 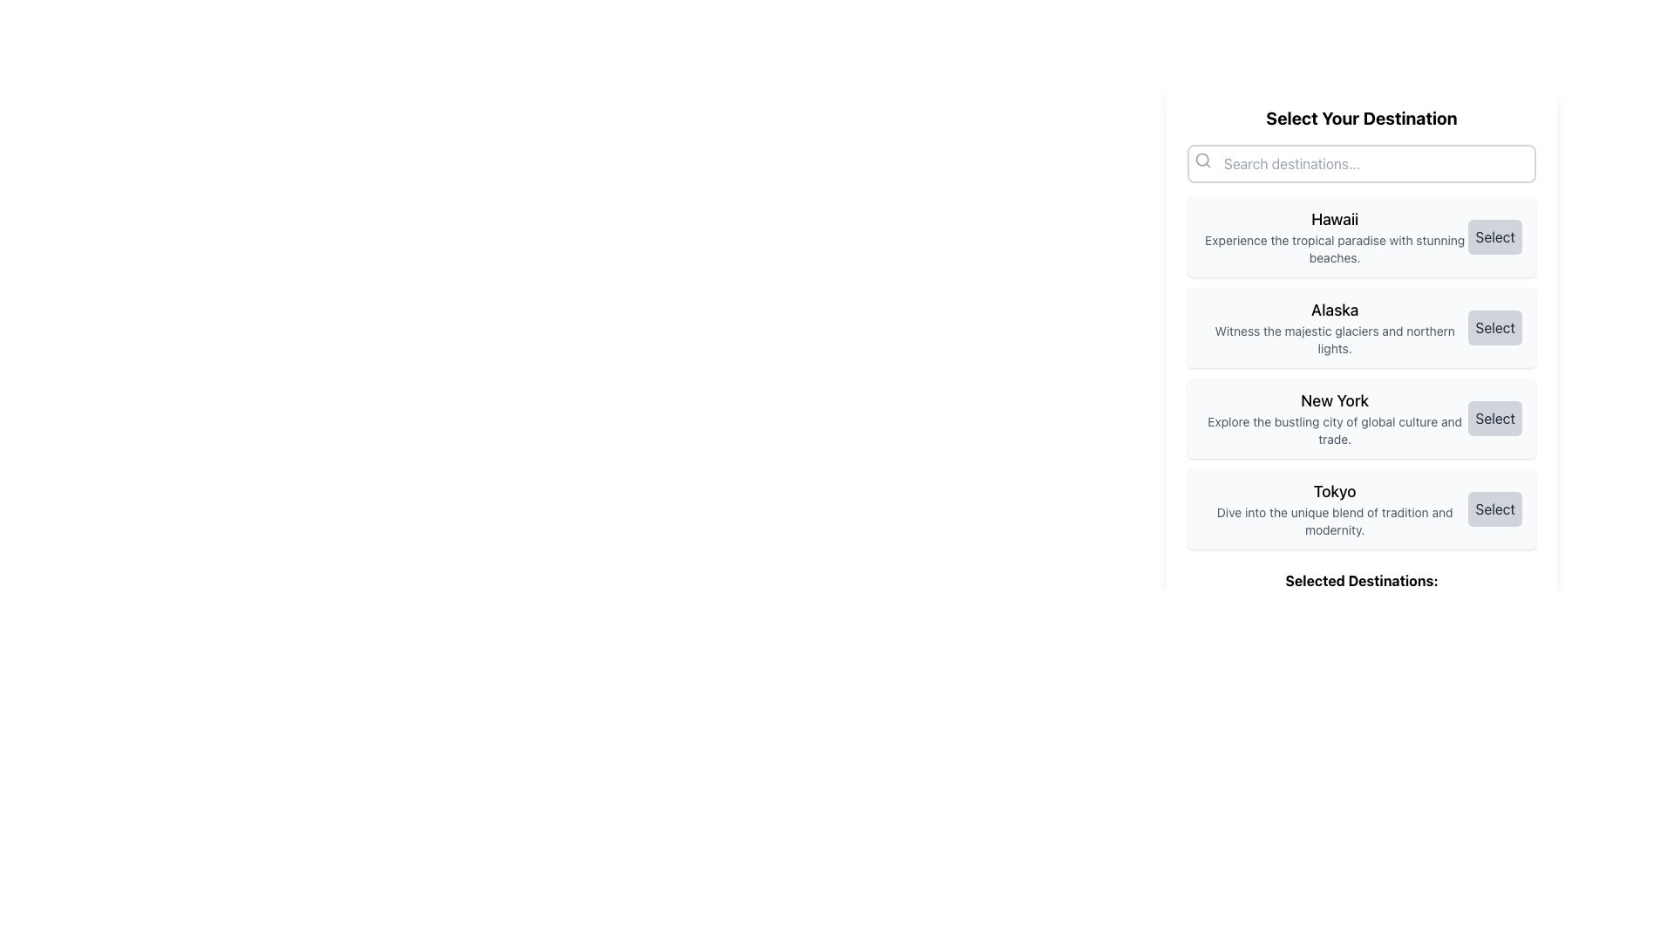 I want to click on the search icon located at the top-left corner of the search input field in the 'Select Your Destination' component, so click(x=1202, y=160).